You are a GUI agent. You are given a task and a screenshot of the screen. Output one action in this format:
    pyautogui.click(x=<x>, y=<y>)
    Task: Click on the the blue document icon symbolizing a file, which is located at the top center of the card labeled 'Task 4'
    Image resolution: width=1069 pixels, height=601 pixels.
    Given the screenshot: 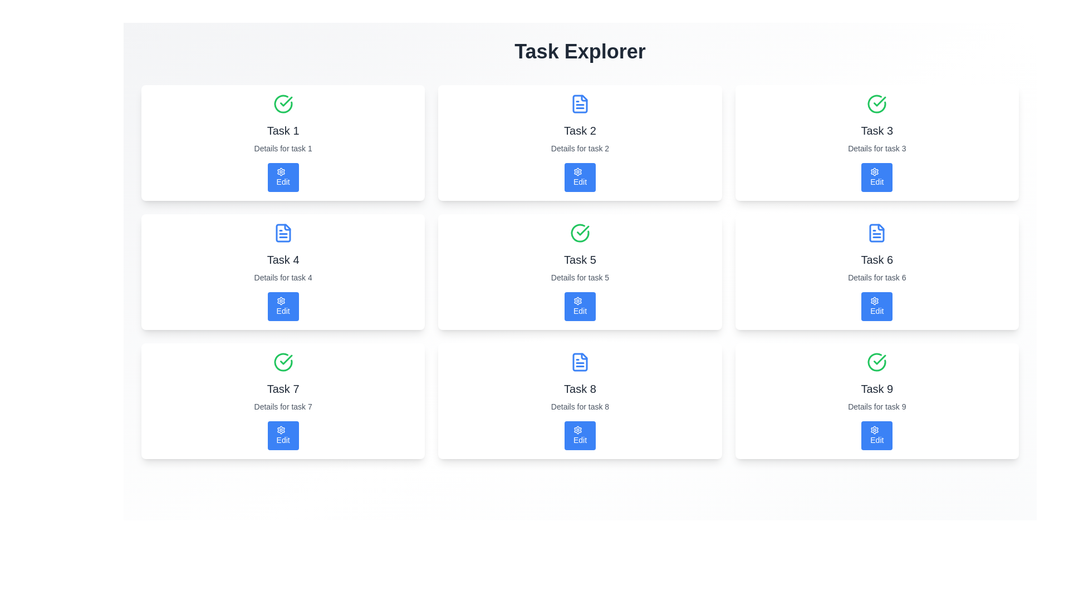 What is the action you would take?
    pyautogui.click(x=283, y=233)
    